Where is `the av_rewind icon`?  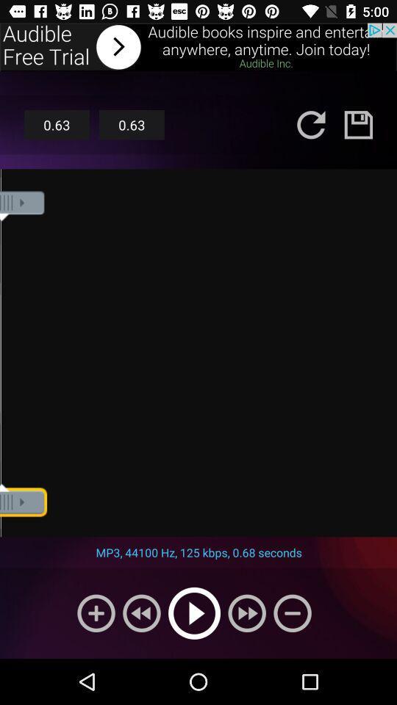
the av_rewind icon is located at coordinates (141, 613).